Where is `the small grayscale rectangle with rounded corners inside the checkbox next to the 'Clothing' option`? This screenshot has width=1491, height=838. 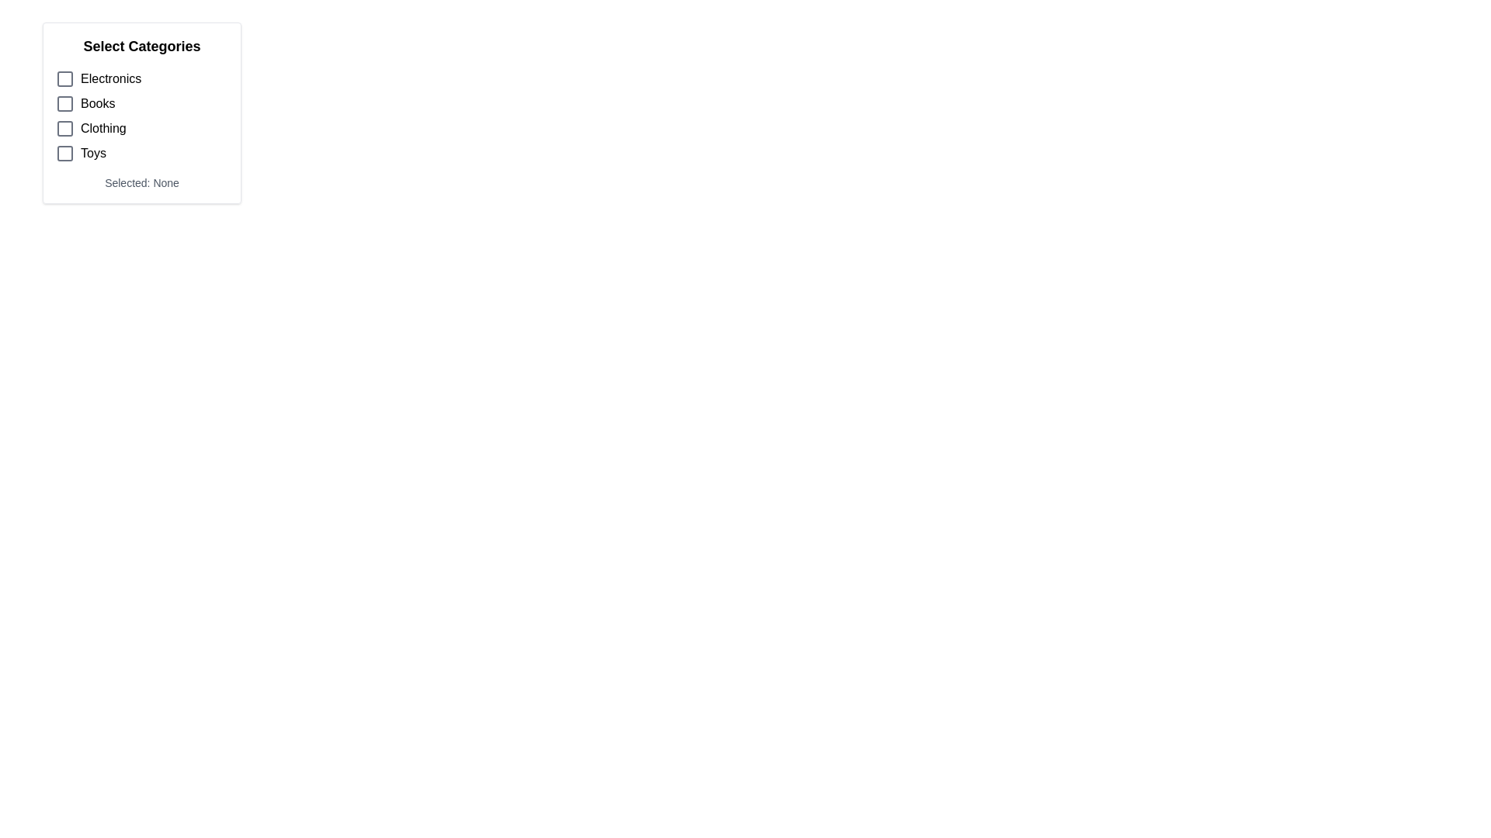
the small grayscale rectangle with rounded corners inside the checkbox next to the 'Clothing' option is located at coordinates (64, 127).